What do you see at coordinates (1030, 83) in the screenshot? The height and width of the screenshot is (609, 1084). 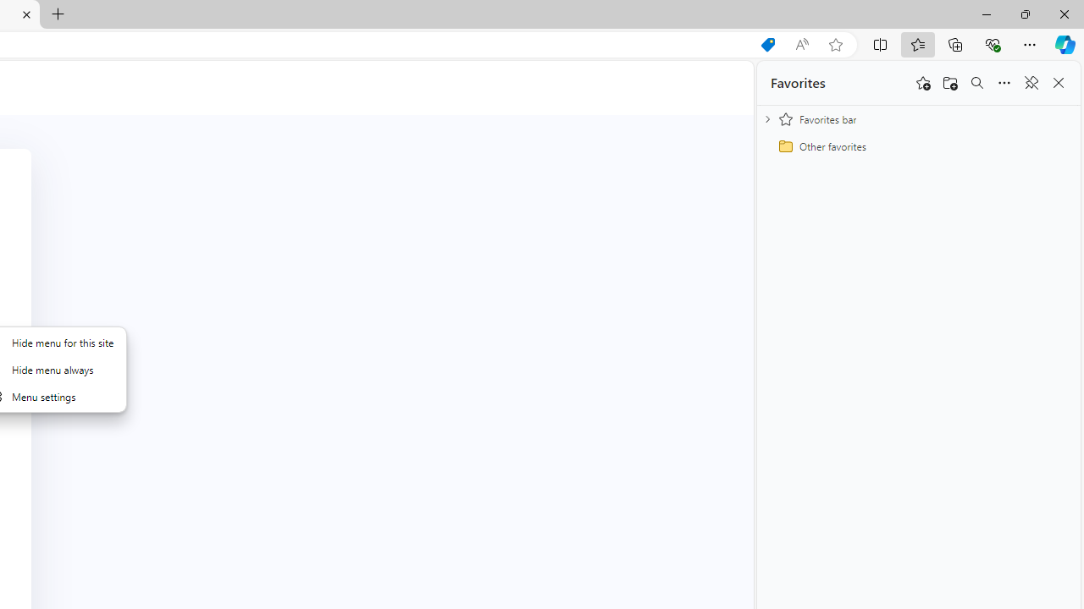 I see `'Unpin favorites'` at bounding box center [1030, 83].